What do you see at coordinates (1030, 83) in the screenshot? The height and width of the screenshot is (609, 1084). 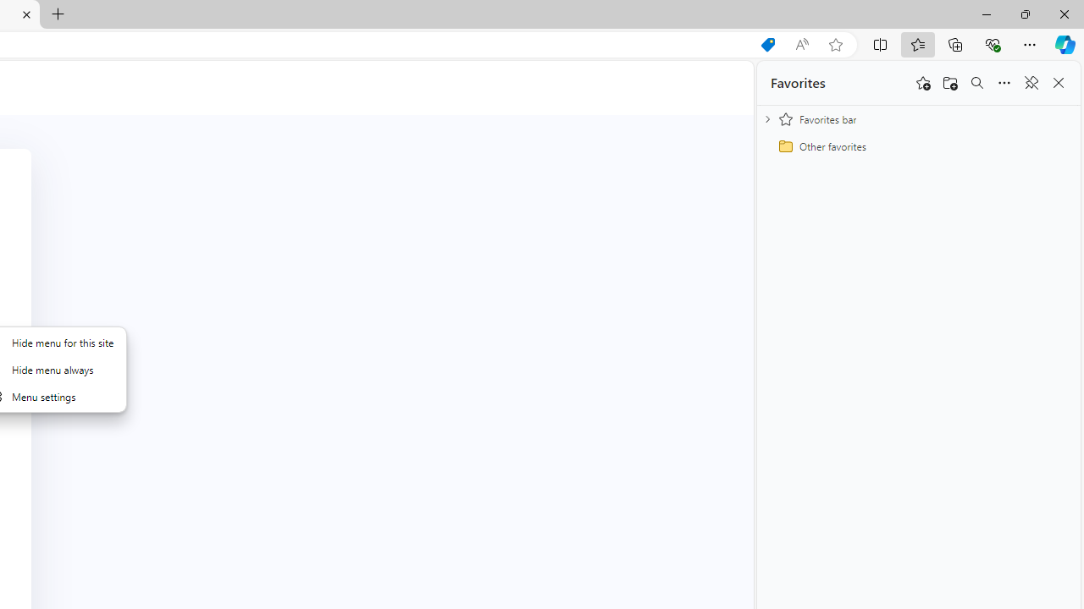 I see `'Unpin favorites'` at bounding box center [1030, 83].